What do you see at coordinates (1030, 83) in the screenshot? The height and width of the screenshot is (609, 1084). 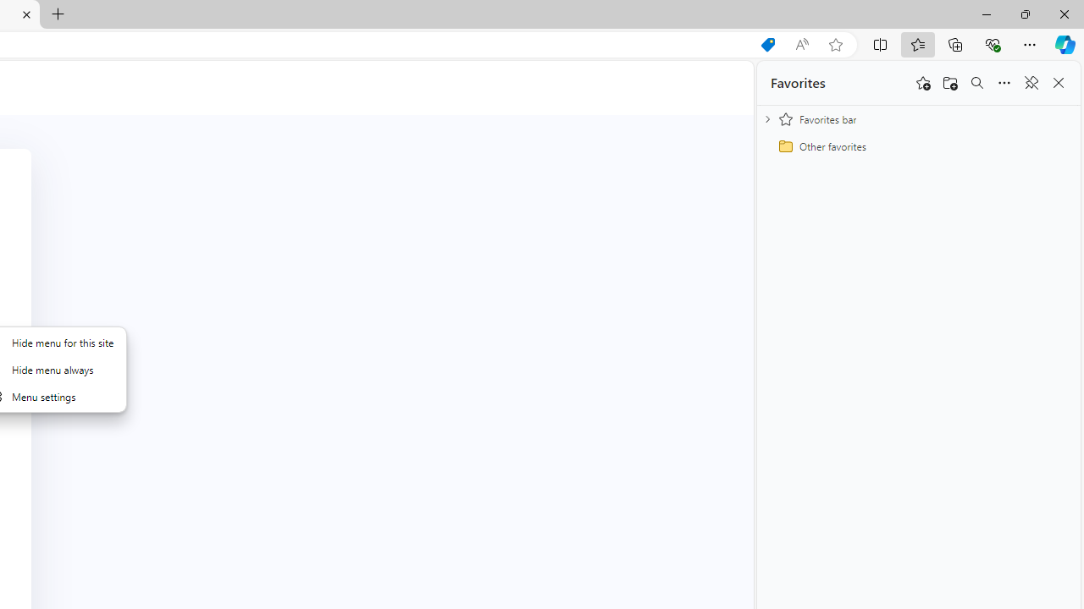 I see `'Unpin favorites'` at bounding box center [1030, 83].